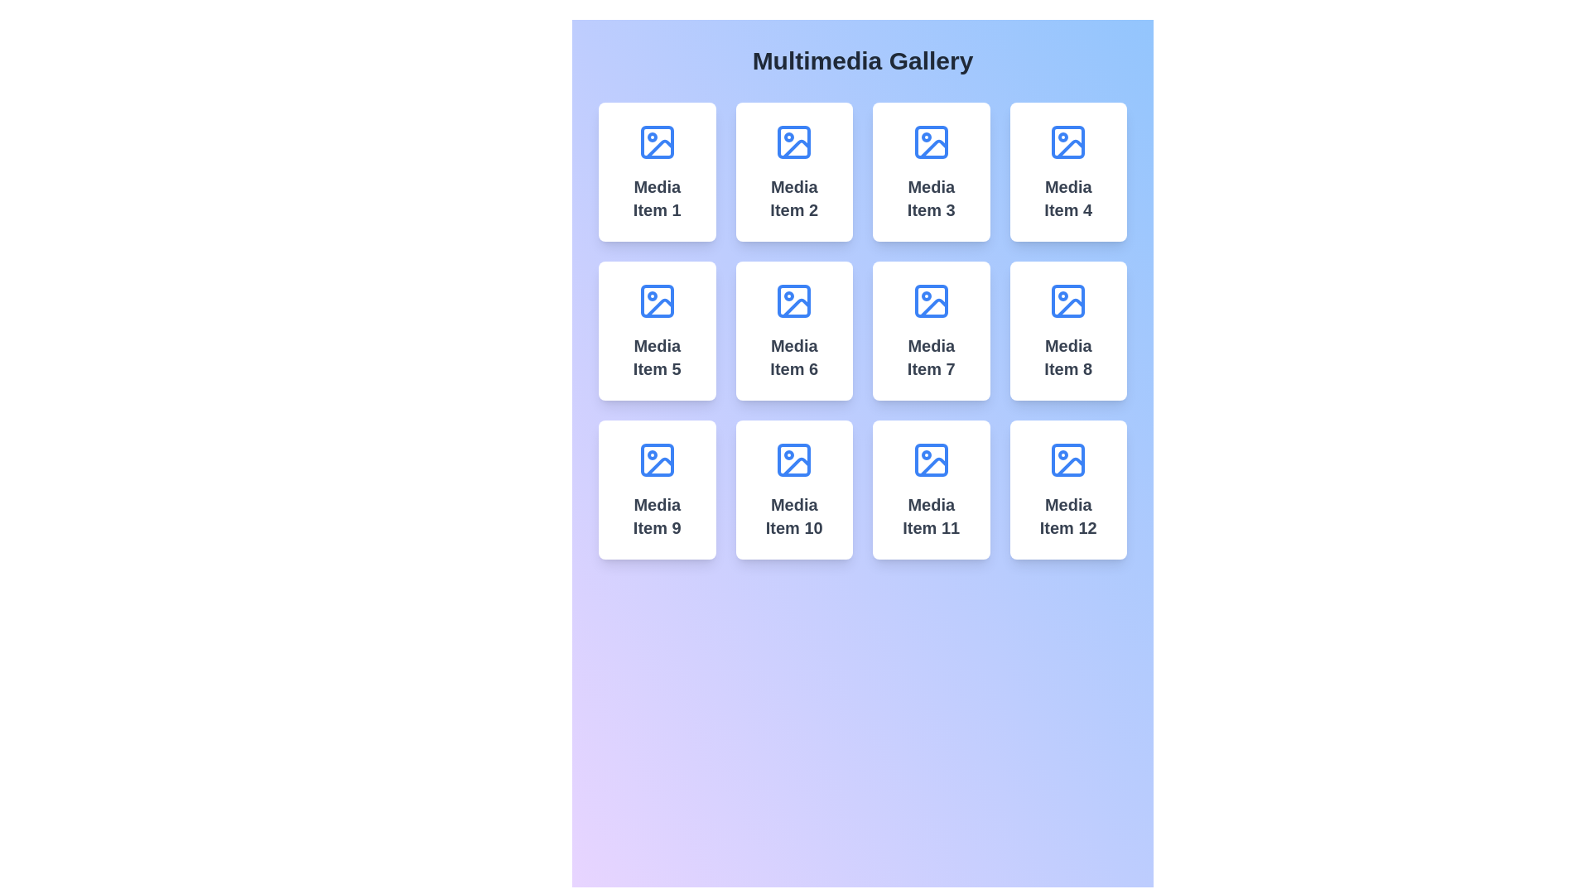 This screenshot has width=1590, height=894. What do you see at coordinates (1068, 142) in the screenshot?
I see `the graphical shape that is part of the icon labeled 'Media Item 4' in the fourth position of the top row of the multimedia gallery` at bounding box center [1068, 142].